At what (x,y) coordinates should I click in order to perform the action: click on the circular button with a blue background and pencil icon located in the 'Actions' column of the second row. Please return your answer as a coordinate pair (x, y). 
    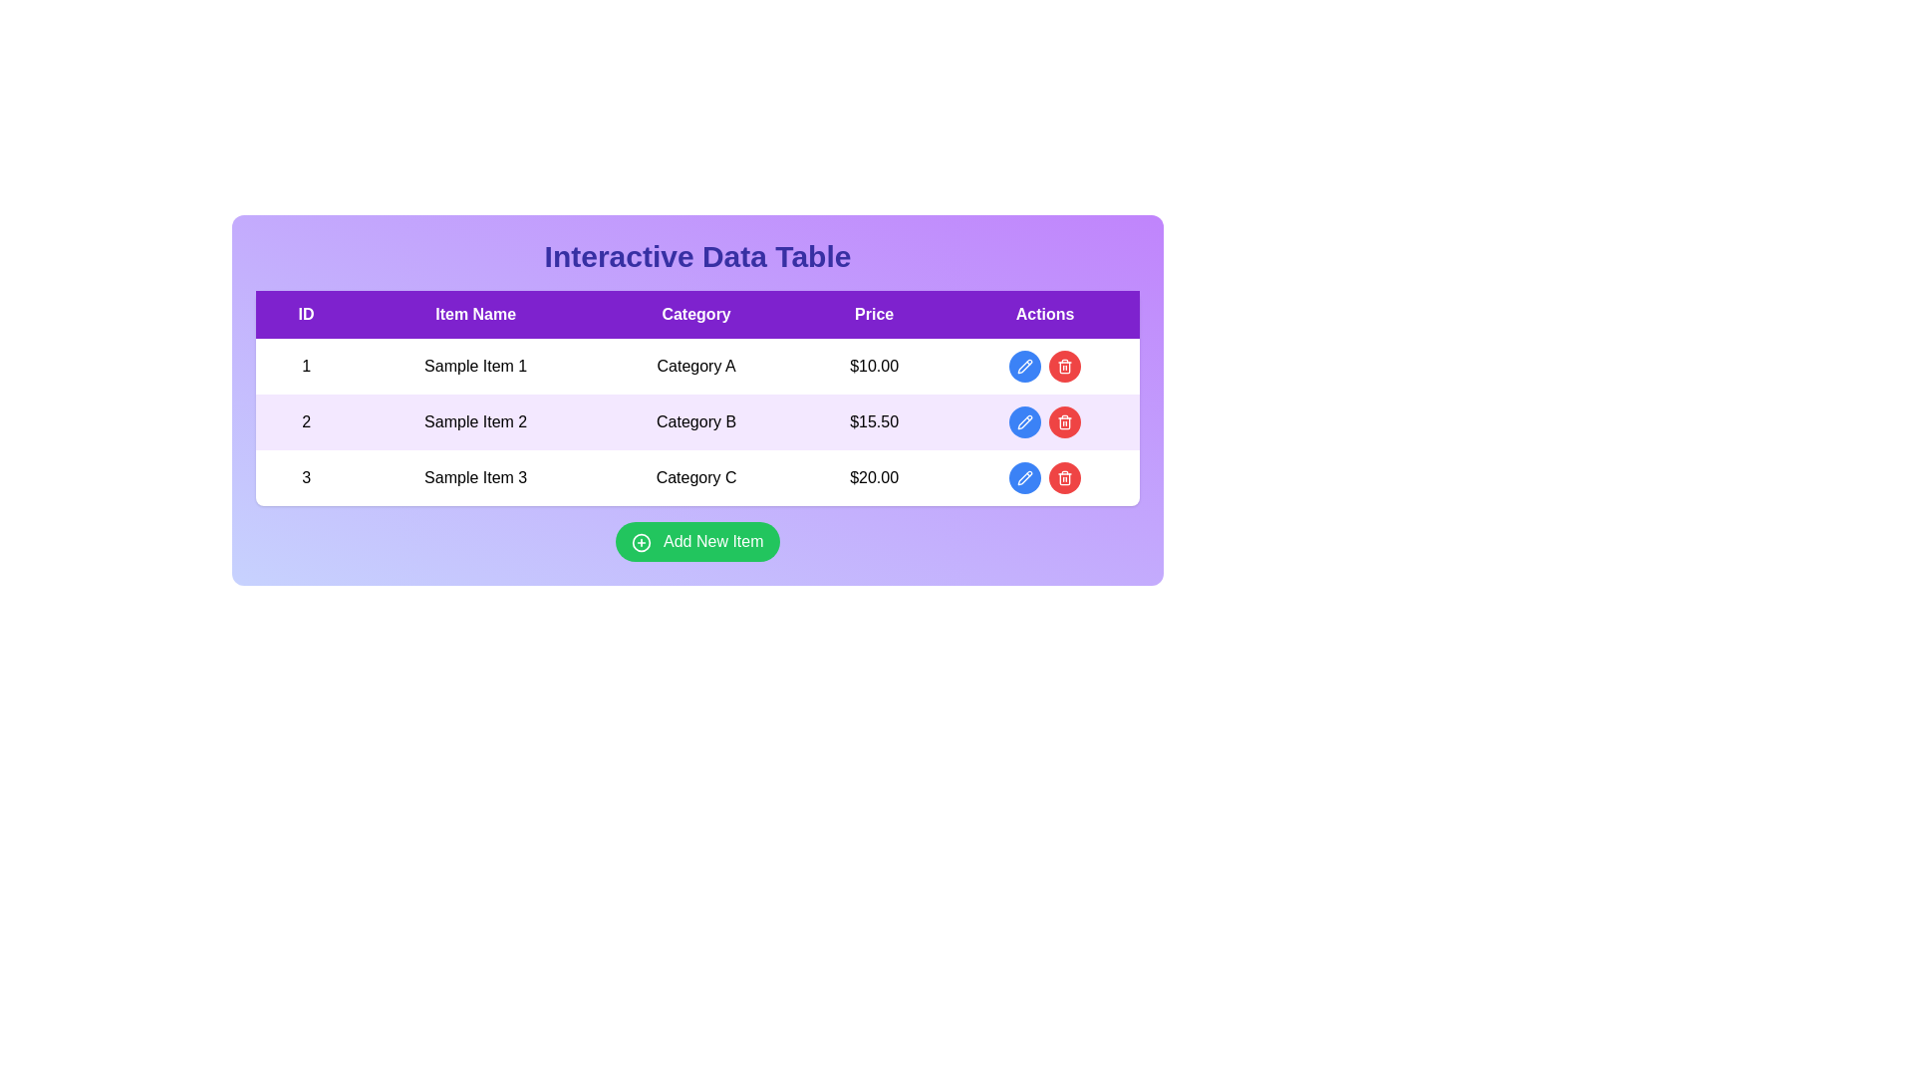
    Looking at the image, I should click on (1025, 421).